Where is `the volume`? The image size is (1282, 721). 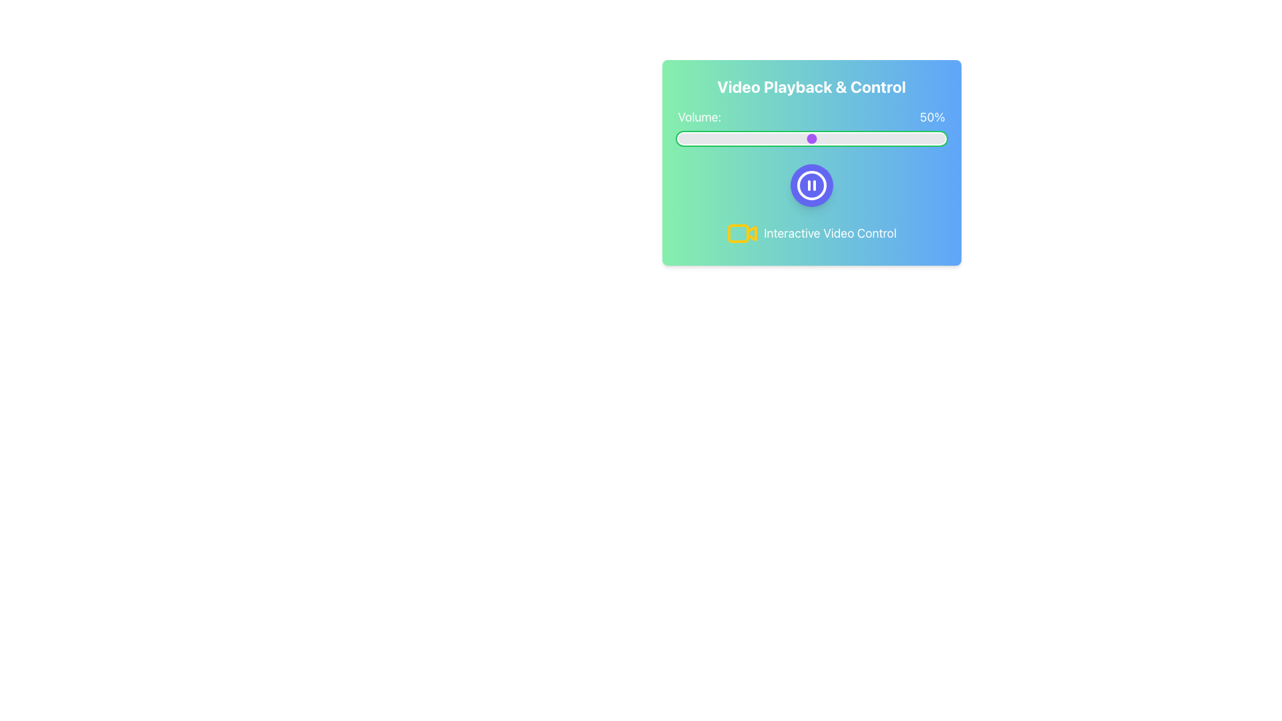
the volume is located at coordinates (867, 139).